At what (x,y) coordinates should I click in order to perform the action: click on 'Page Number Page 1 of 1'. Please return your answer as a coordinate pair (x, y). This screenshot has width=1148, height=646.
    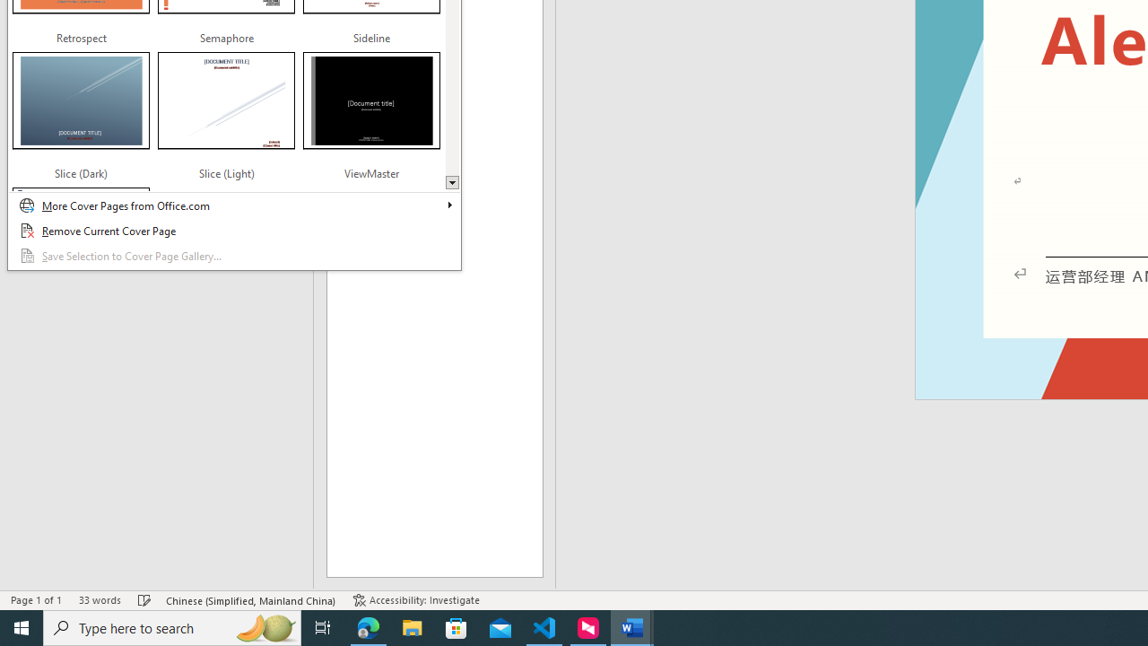
    Looking at the image, I should click on (36, 600).